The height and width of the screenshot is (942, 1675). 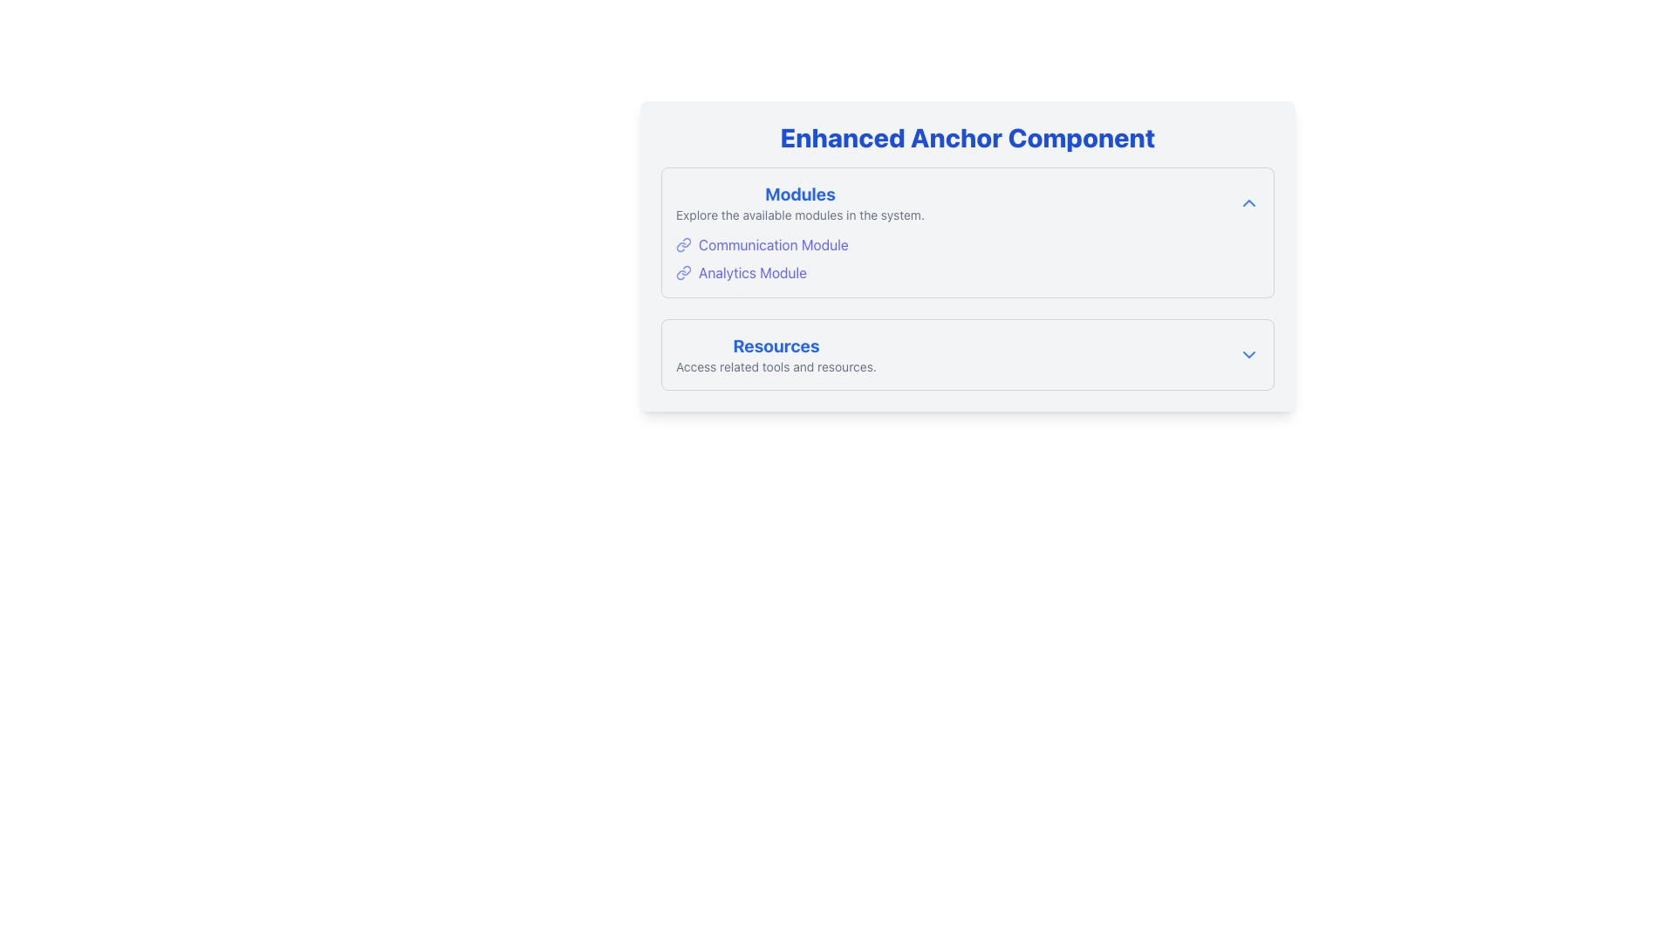 I want to click on the upward-pointing chevron icon button styled in blue, located at the far right end of the 'Modules' section header, so click(x=1248, y=201).